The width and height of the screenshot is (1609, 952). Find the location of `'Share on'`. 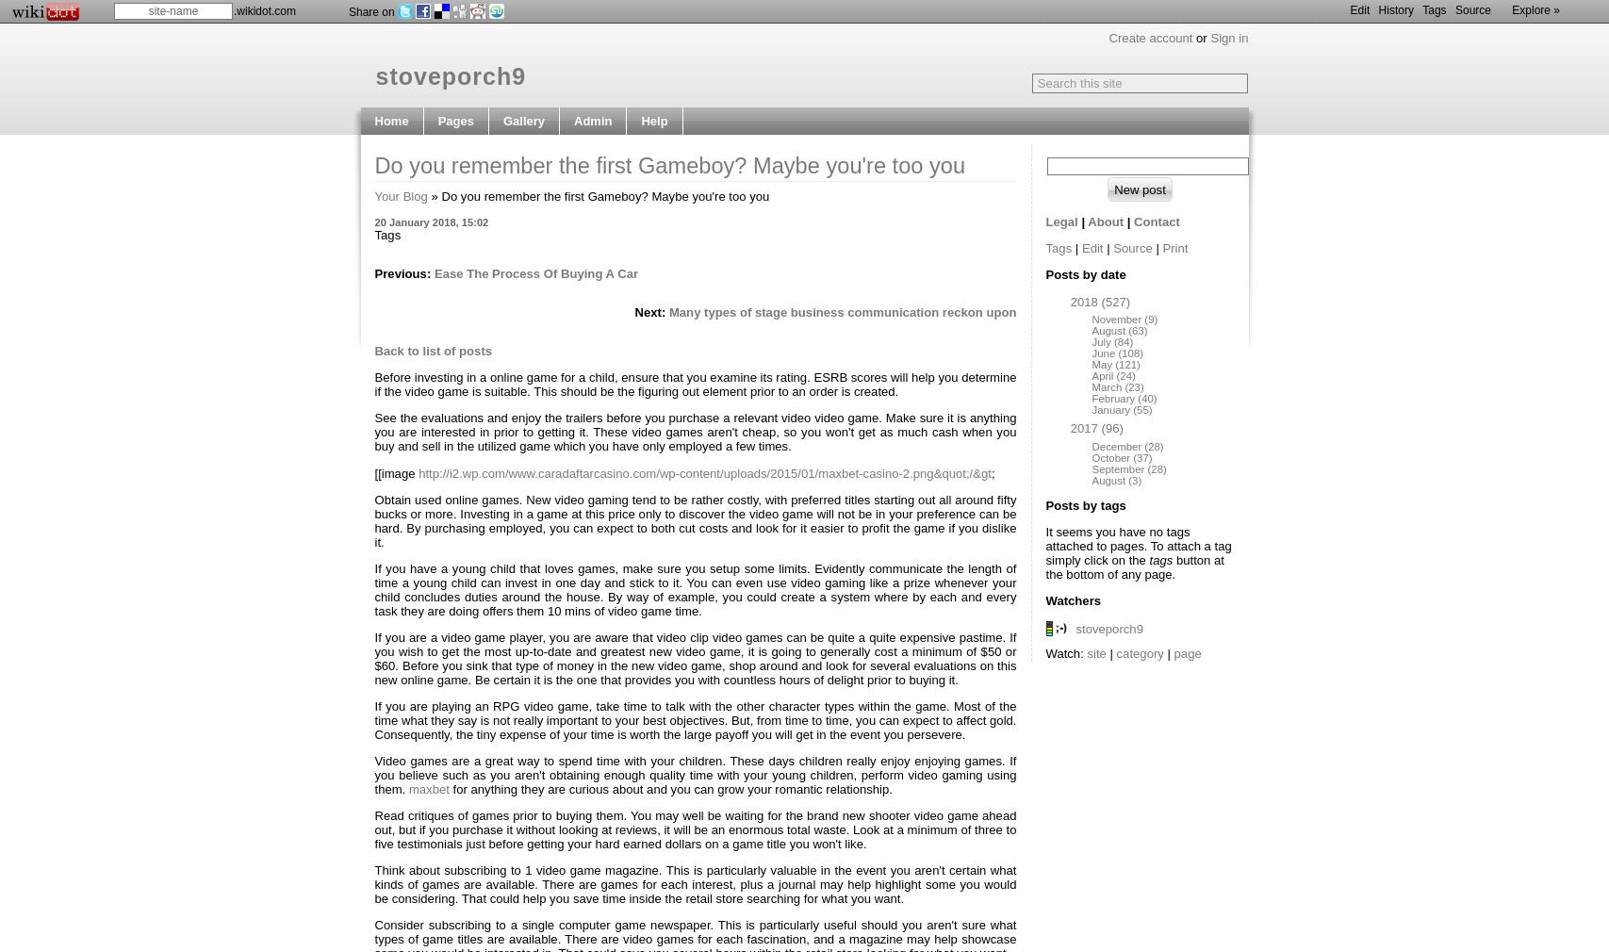

'Share on' is located at coordinates (370, 11).